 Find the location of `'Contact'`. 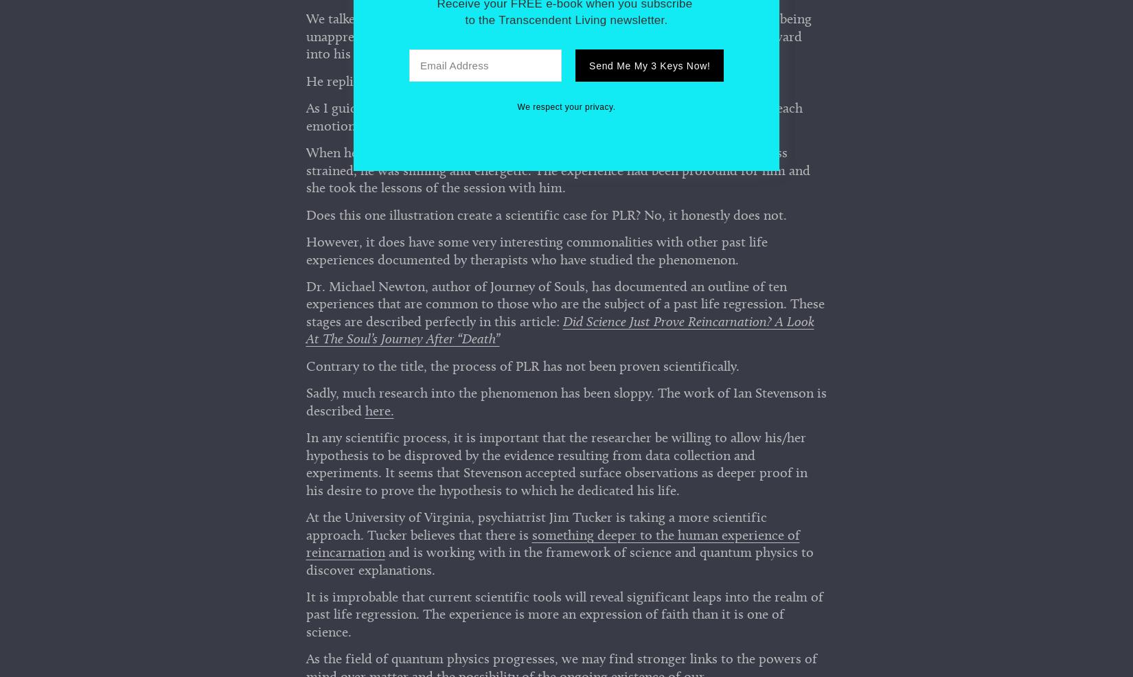

'Contact' is located at coordinates (451, 320).